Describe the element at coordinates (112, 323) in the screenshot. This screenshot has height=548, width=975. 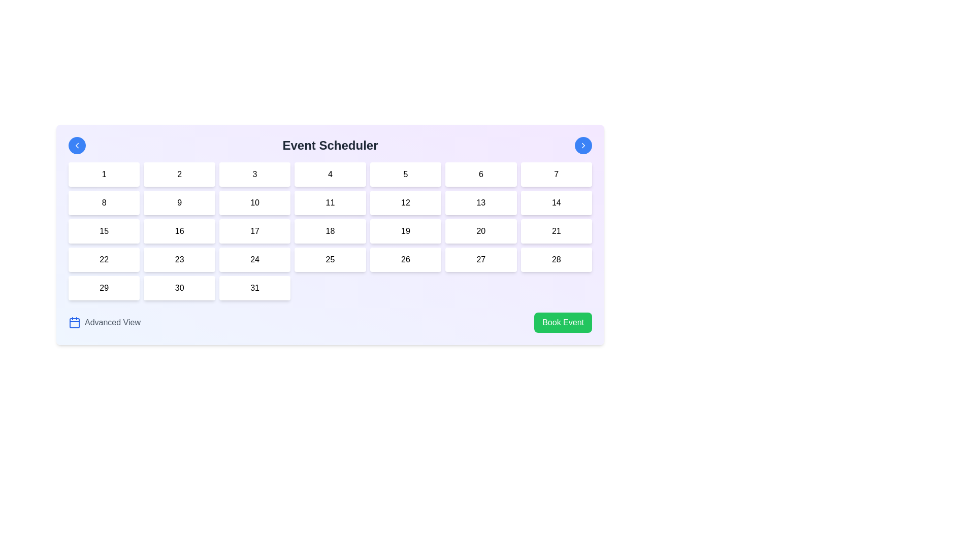
I see `the 'Advanced View' text label, which is styled in gray and located to the right of a blue calendar icon` at that location.